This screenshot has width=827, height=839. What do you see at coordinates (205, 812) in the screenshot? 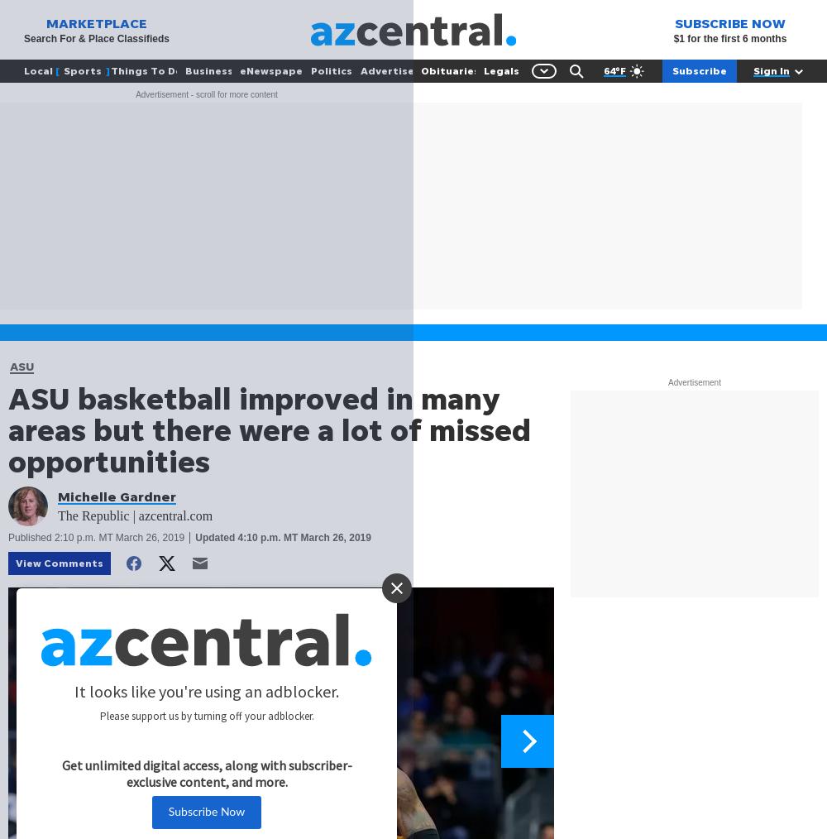
I see `'Subscribe Now'` at bounding box center [205, 812].